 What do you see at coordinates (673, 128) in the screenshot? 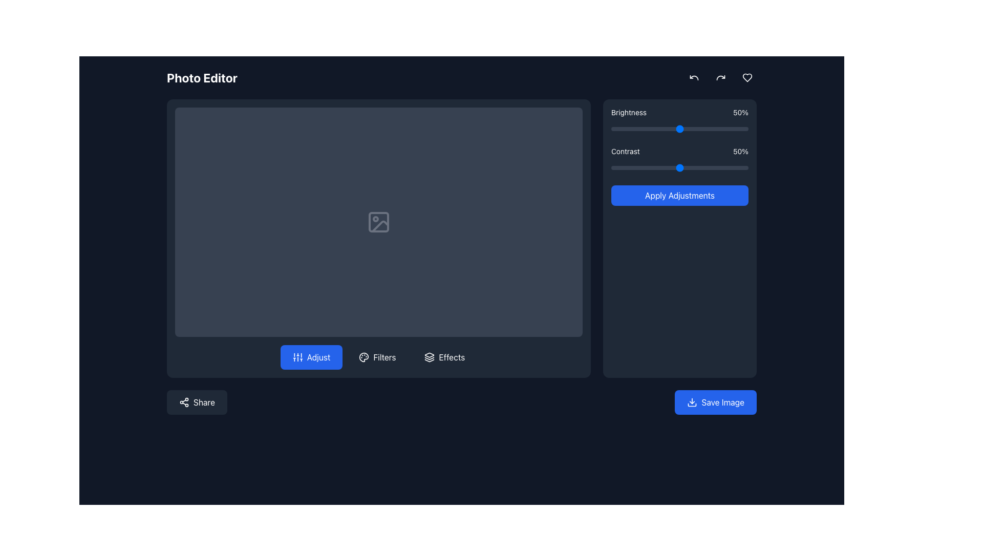
I see `brightness` at bounding box center [673, 128].